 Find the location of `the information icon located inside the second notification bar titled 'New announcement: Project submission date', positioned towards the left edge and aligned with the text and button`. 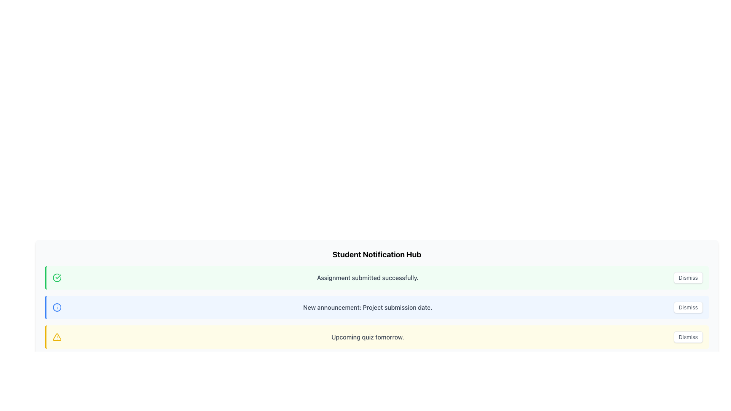

the information icon located inside the second notification bar titled 'New announcement: Project submission date', positioned towards the left edge and aligned with the text and button is located at coordinates (56, 307).